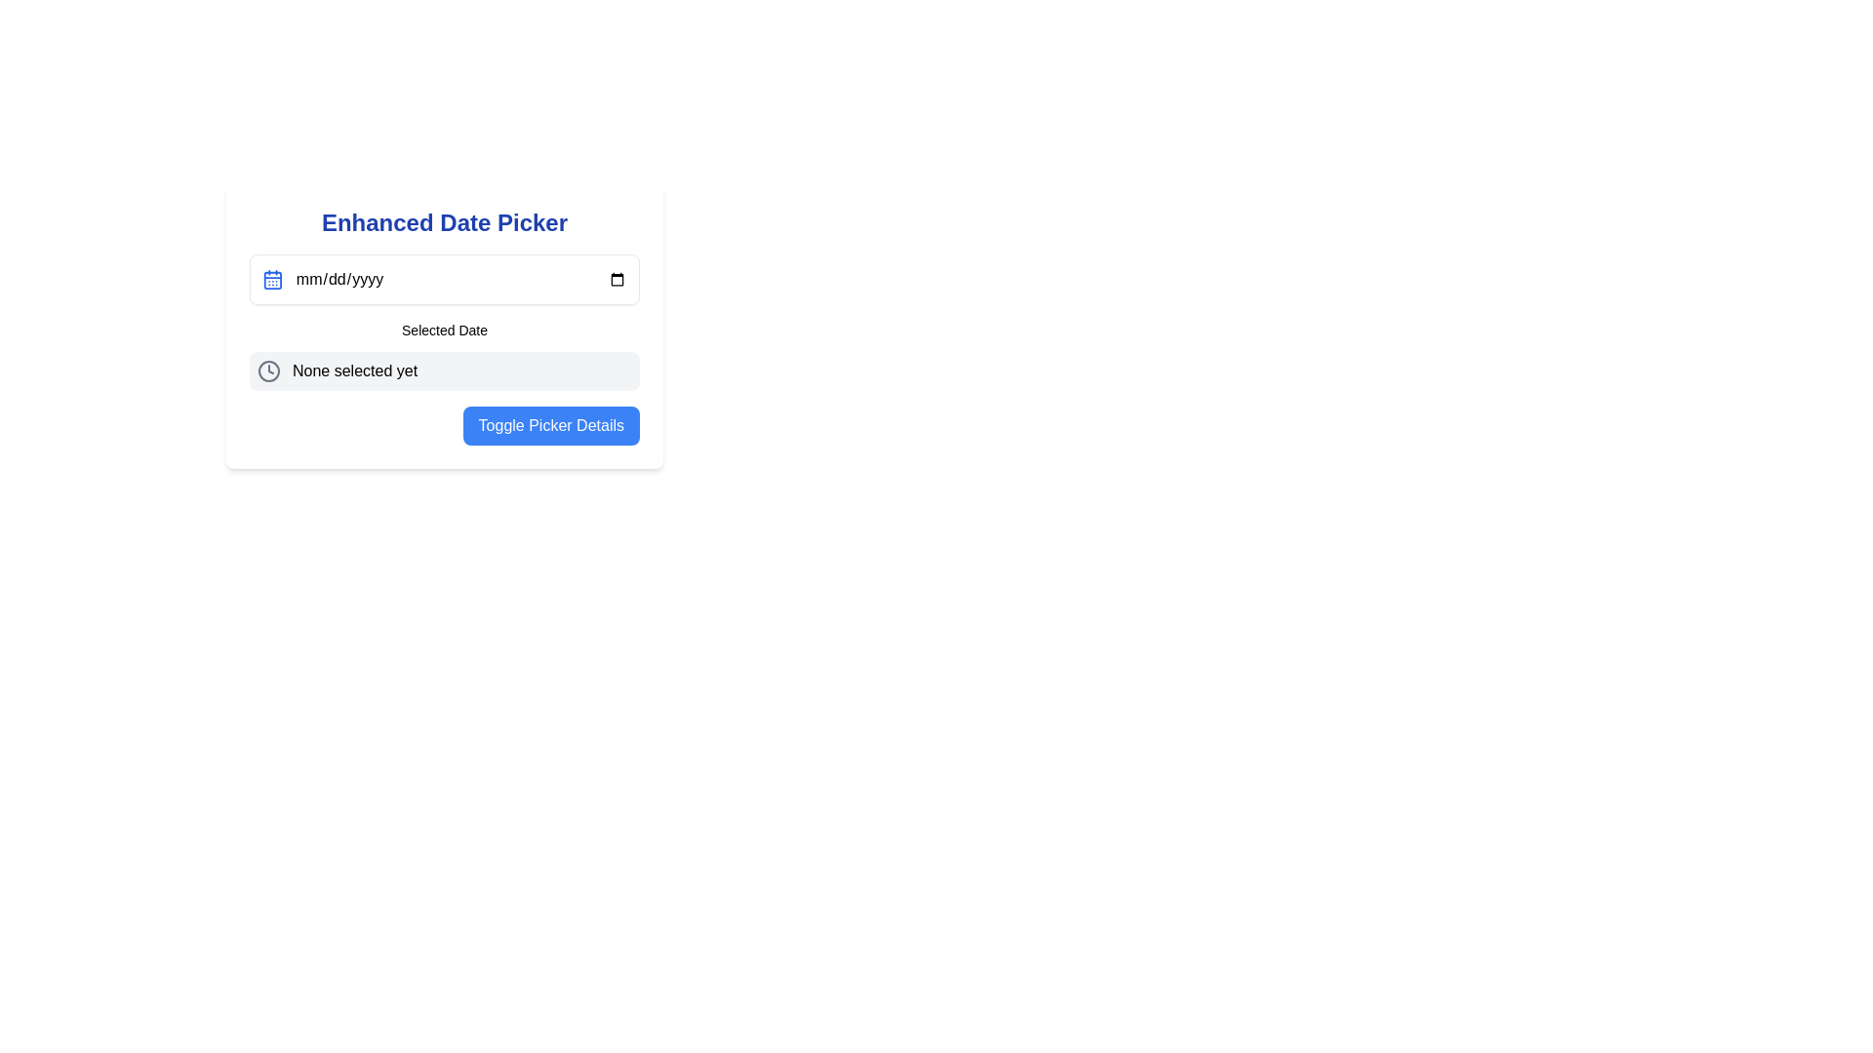 Image resolution: width=1873 pixels, height=1053 pixels. What do you see at coordinates (355, 371) in the screenshot?
I see `the Text Label displaying 'None selected yet', which is positioned to the right of a clock icon` at bounding box center [355, 371].